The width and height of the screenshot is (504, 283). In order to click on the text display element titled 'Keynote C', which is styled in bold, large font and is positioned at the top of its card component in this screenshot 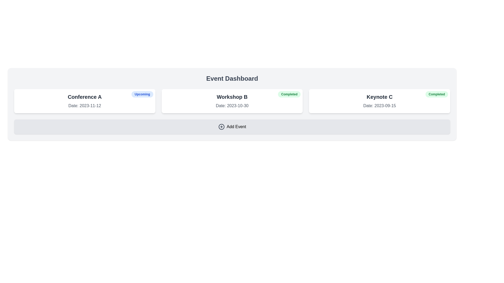, I will do `click(380, 97)`.